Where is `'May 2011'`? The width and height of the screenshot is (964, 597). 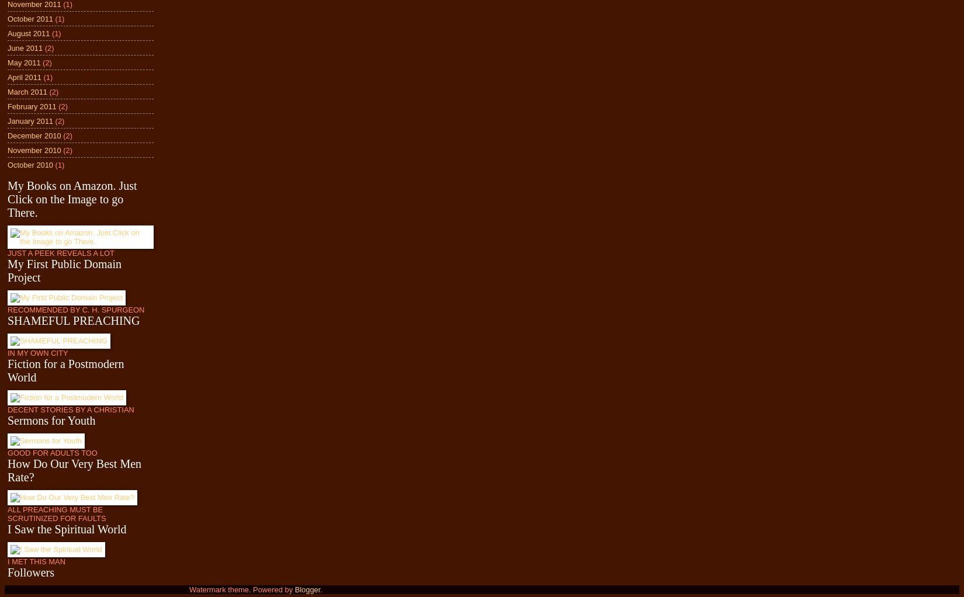 'May 2011' is located at coordinates (23, 61).